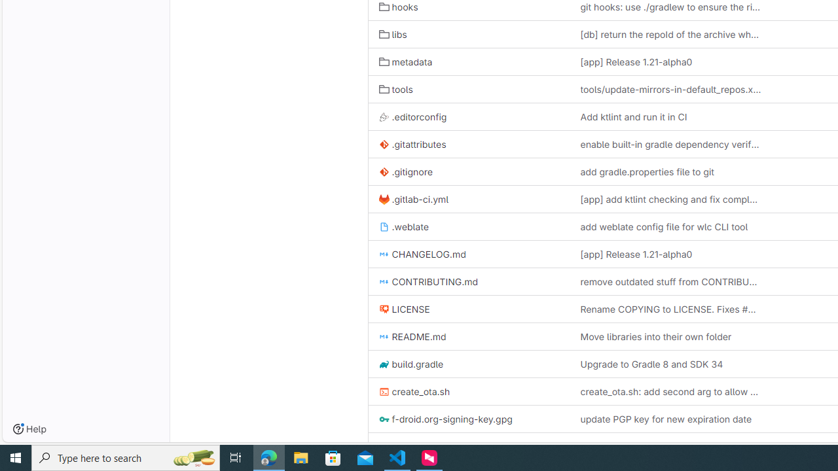  Describe the element at coordinates (670, 116) in the screenshot. I see `'Add ktlint and run it in CI'` at that location.